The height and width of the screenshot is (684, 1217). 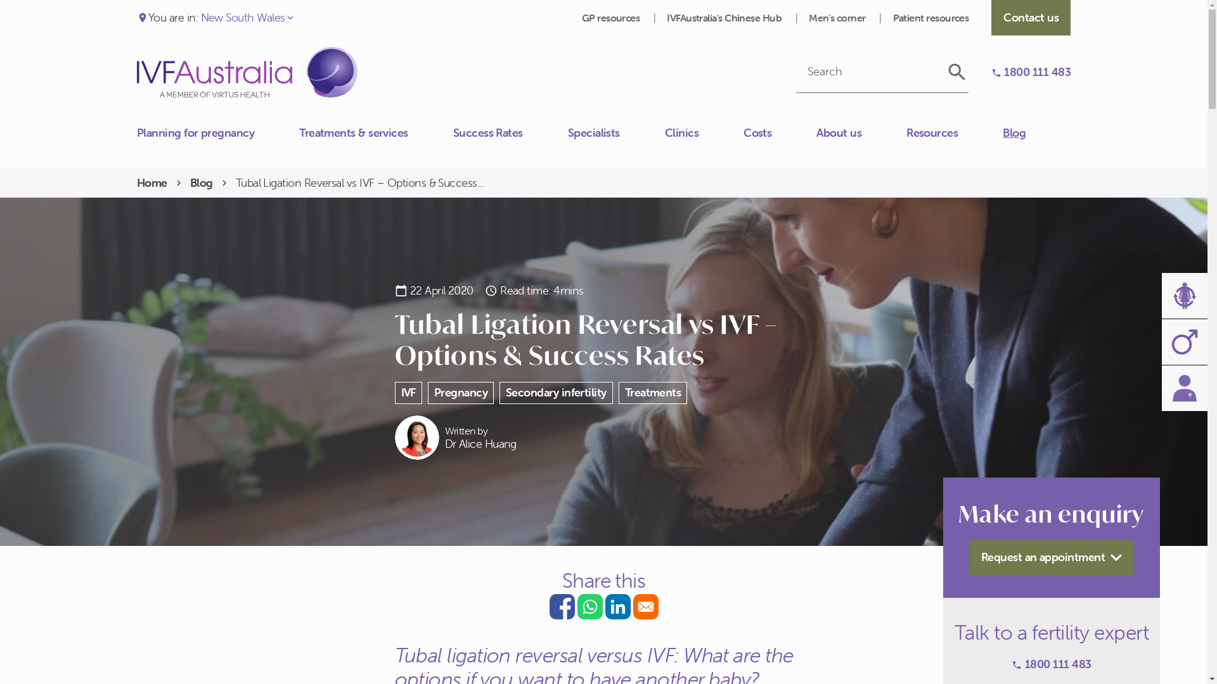 I want to click on 'Success Rates', so click(x=510, y=132).